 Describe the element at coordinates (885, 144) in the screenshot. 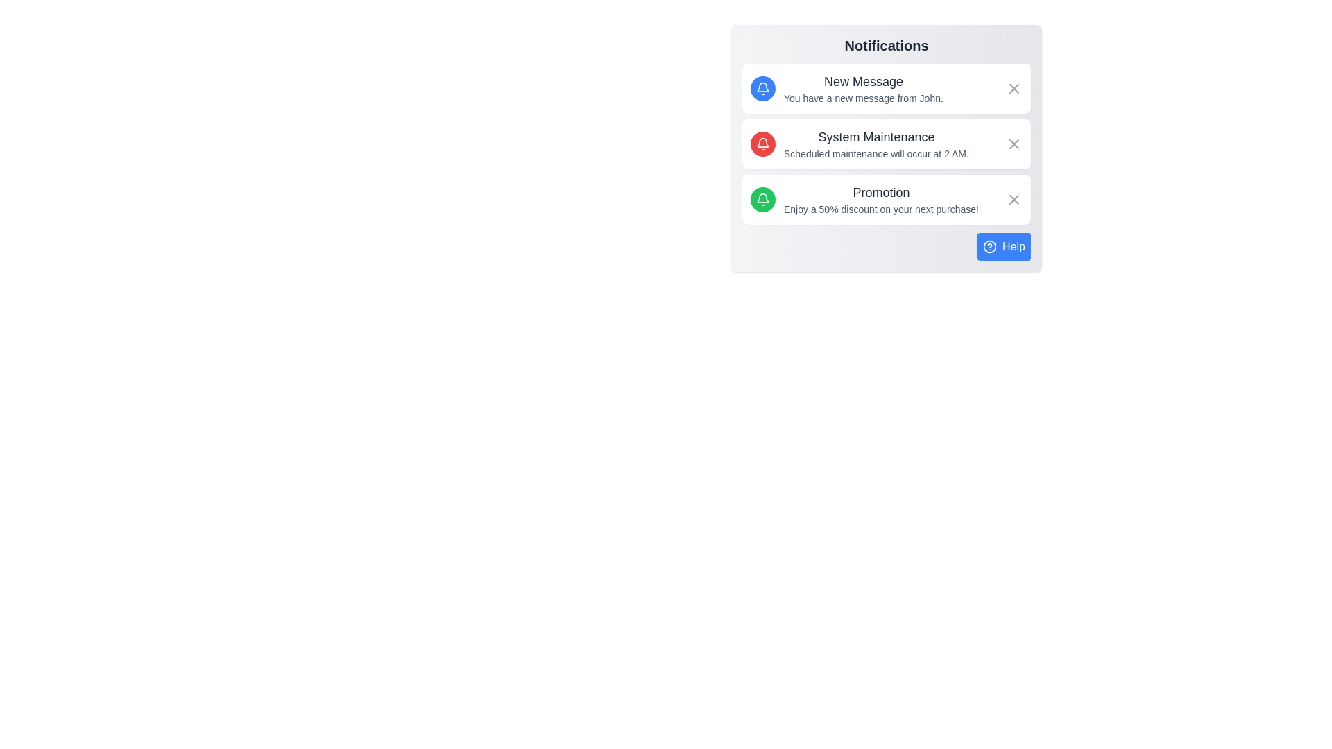

I see `the second notification card regarding scheduled system maintenance at 2 AM` at that location.